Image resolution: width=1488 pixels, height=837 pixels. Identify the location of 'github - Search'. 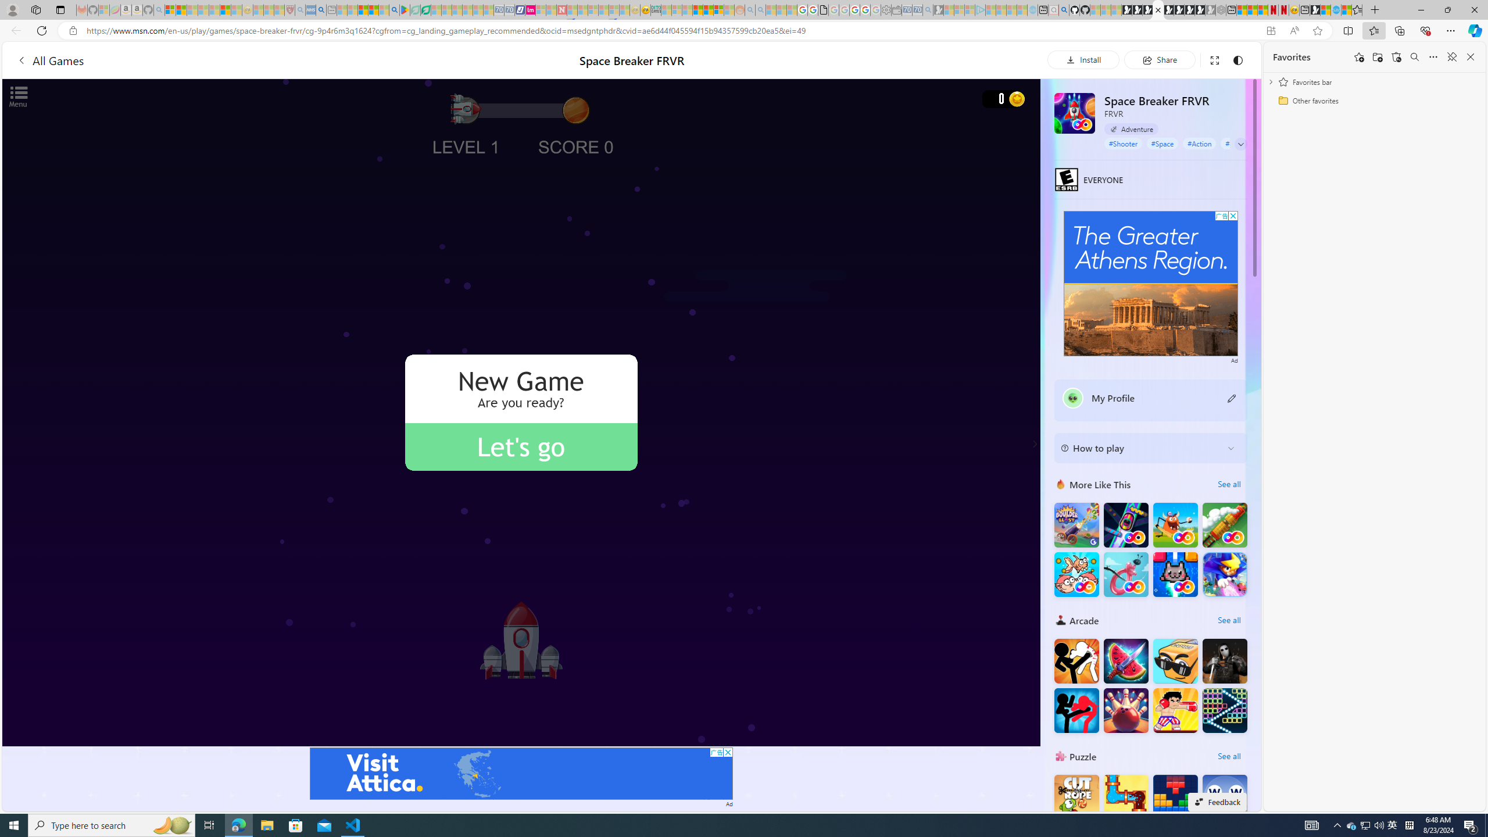
(1064, 9).